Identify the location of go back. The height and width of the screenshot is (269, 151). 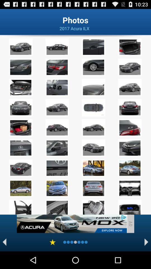
(4, 242).